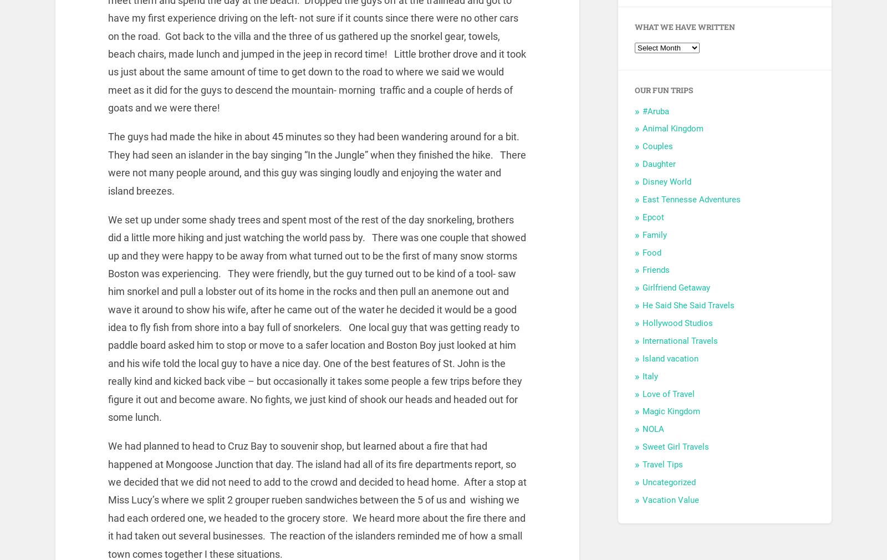  Describe the element at coordinates (316, 164) in the screenshot. I see `'The guys had made the hike in about 45 minutes so they had been wandering around for a bit.   They had seen an islander in the bay singing “In the Jungle” when they finished the hike.   There were not many people around, and this guy was singing loudly and enjoying the water and island breezes.'` at that location.